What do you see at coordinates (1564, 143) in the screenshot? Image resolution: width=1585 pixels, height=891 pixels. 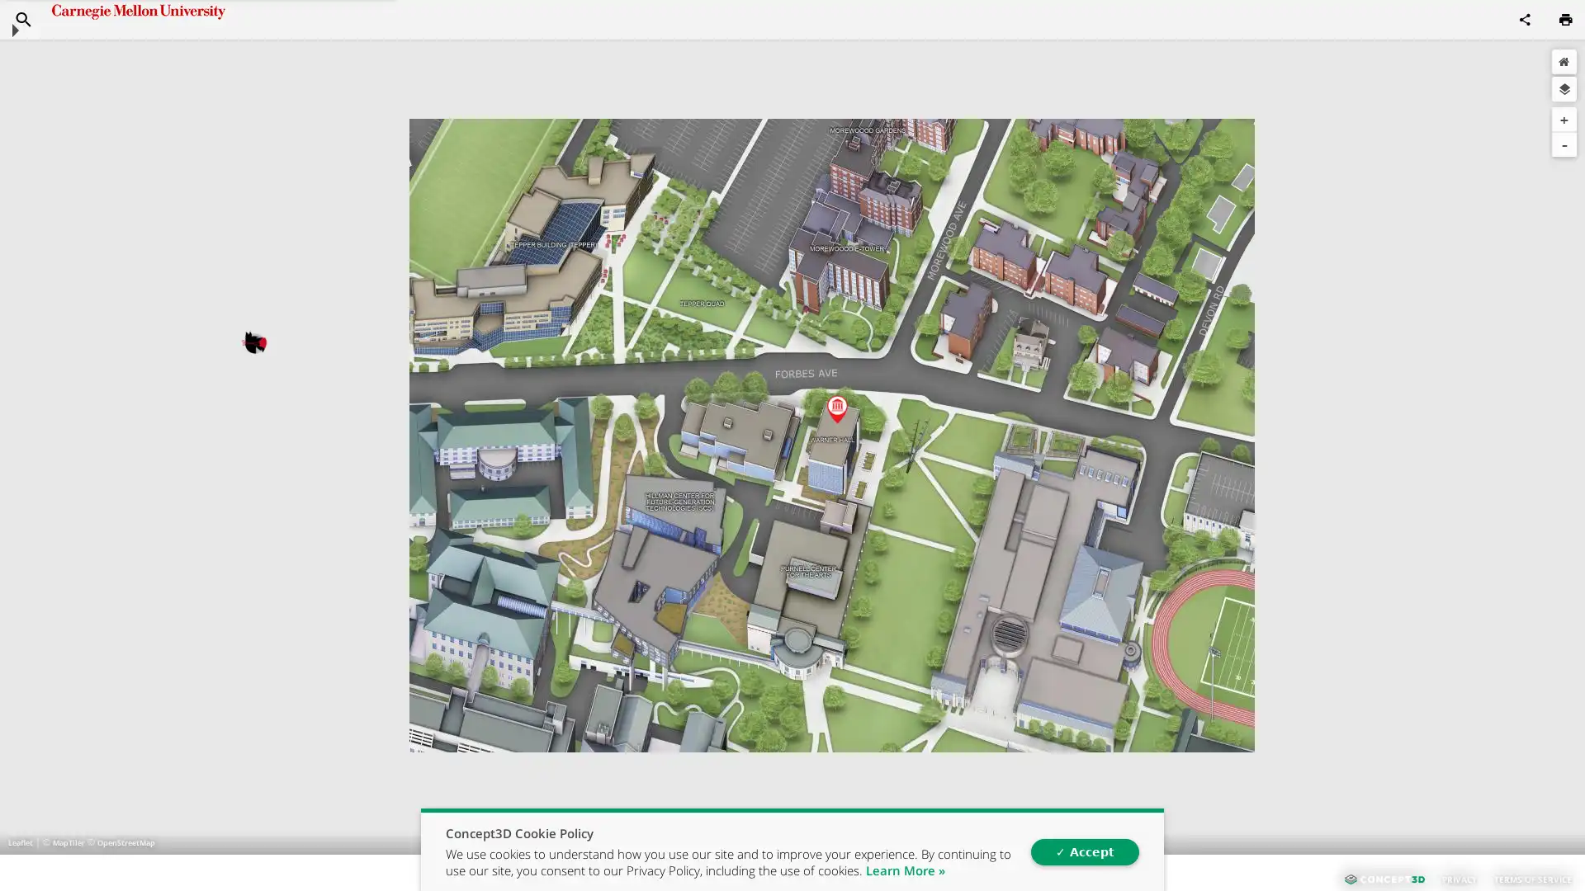 I see `Zoom out` at bounding box center [1564, 143].